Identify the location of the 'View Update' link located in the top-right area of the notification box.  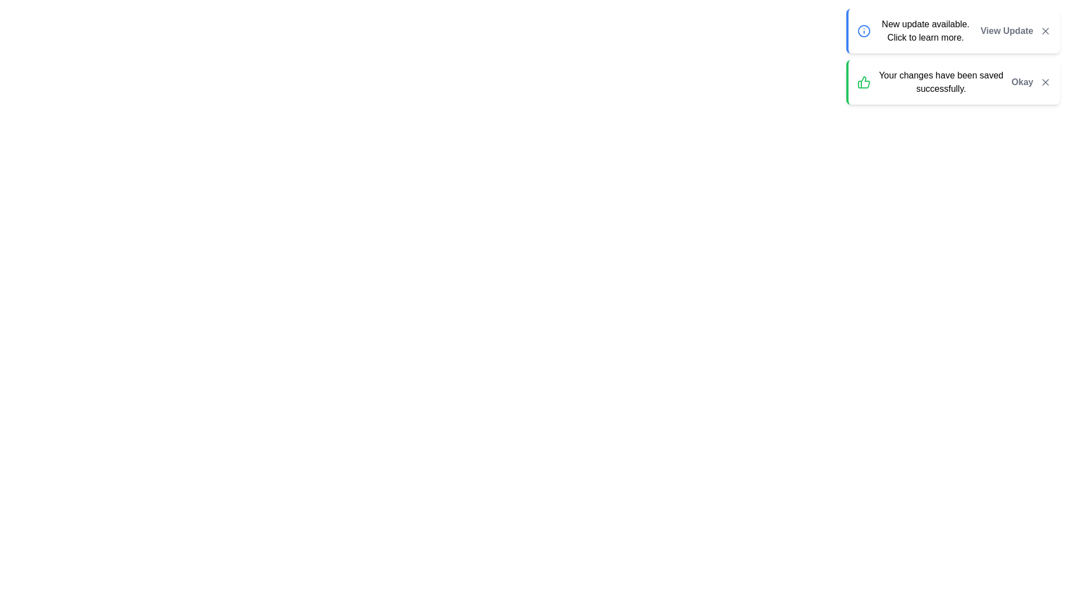
(1007, 31).